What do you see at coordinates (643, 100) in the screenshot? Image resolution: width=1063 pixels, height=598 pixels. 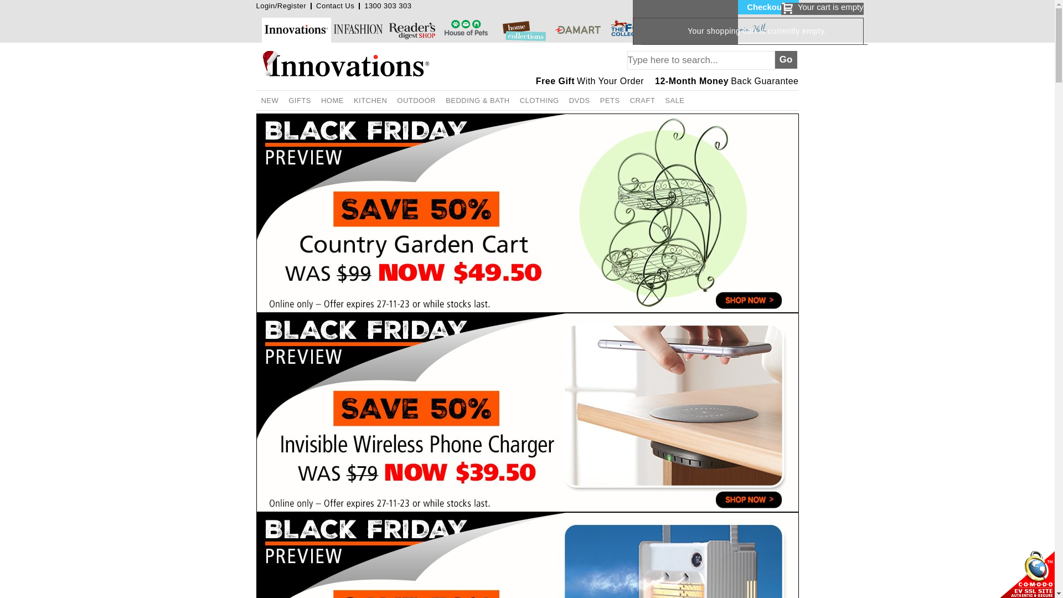 I see `'CRAFT'` at bounding box center [643, 100].